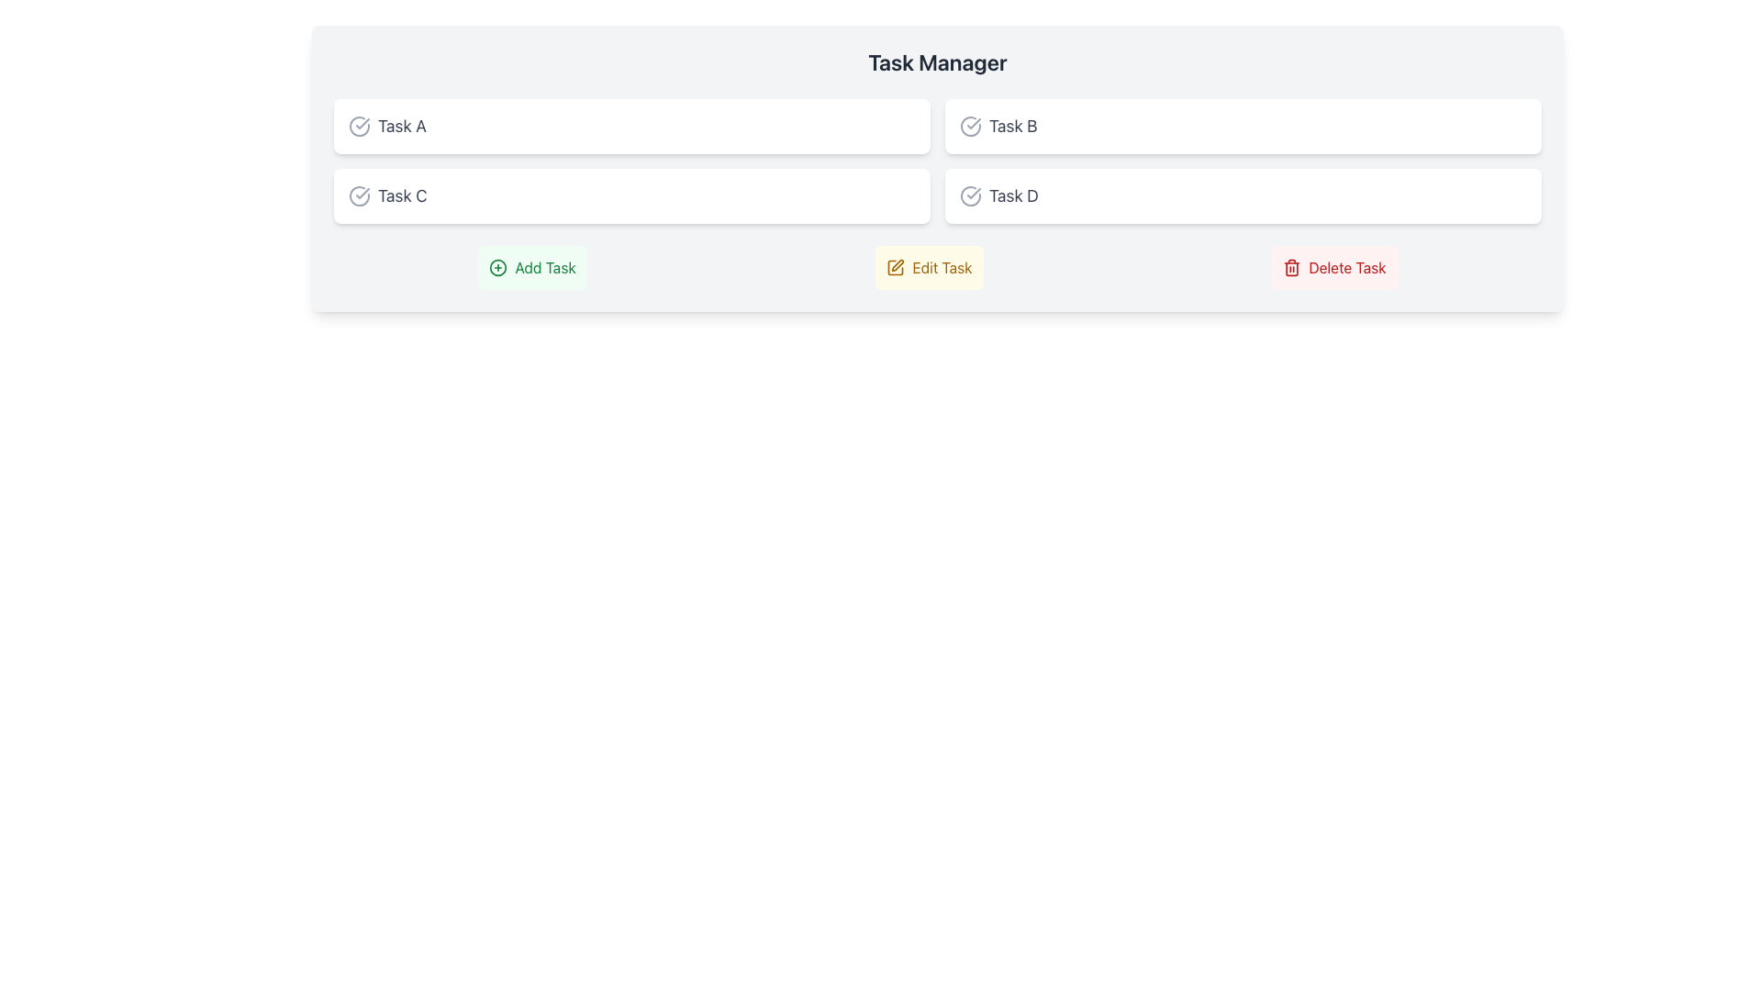  I want to click on the 'Add Task' button, which has a green background, rounded edges, and white text, to initiate the addition of a new task, so click(531, 268).